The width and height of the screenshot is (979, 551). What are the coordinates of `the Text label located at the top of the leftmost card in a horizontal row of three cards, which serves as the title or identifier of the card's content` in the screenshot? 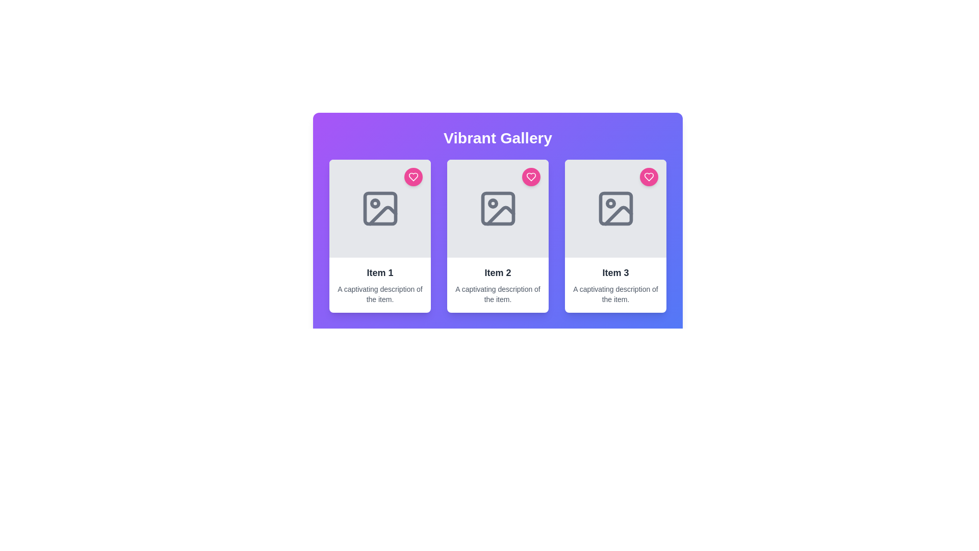 It's located at (379, 272).